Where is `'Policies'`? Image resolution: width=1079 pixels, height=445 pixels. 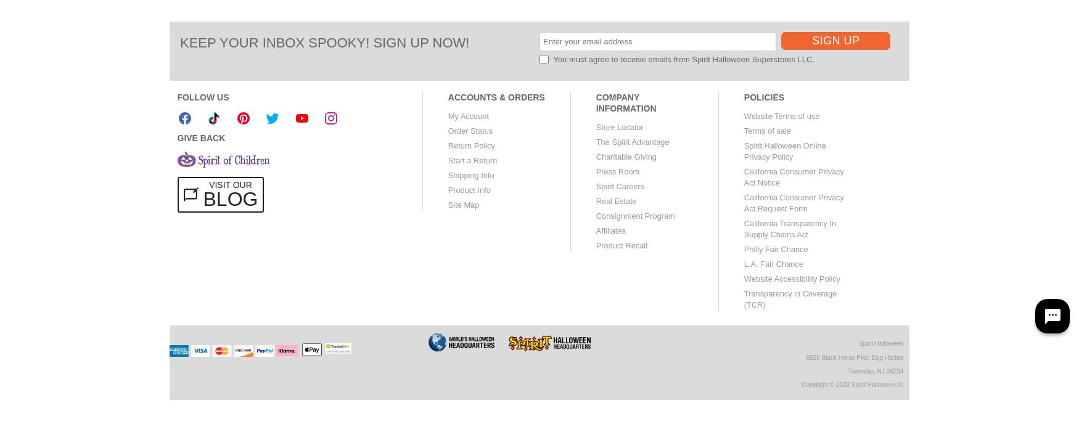 'Policies' is located at coordinates (764, 97).